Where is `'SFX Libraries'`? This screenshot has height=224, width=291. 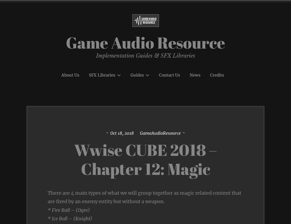 'SFX Libraries' is located at coordinates (102, 75).